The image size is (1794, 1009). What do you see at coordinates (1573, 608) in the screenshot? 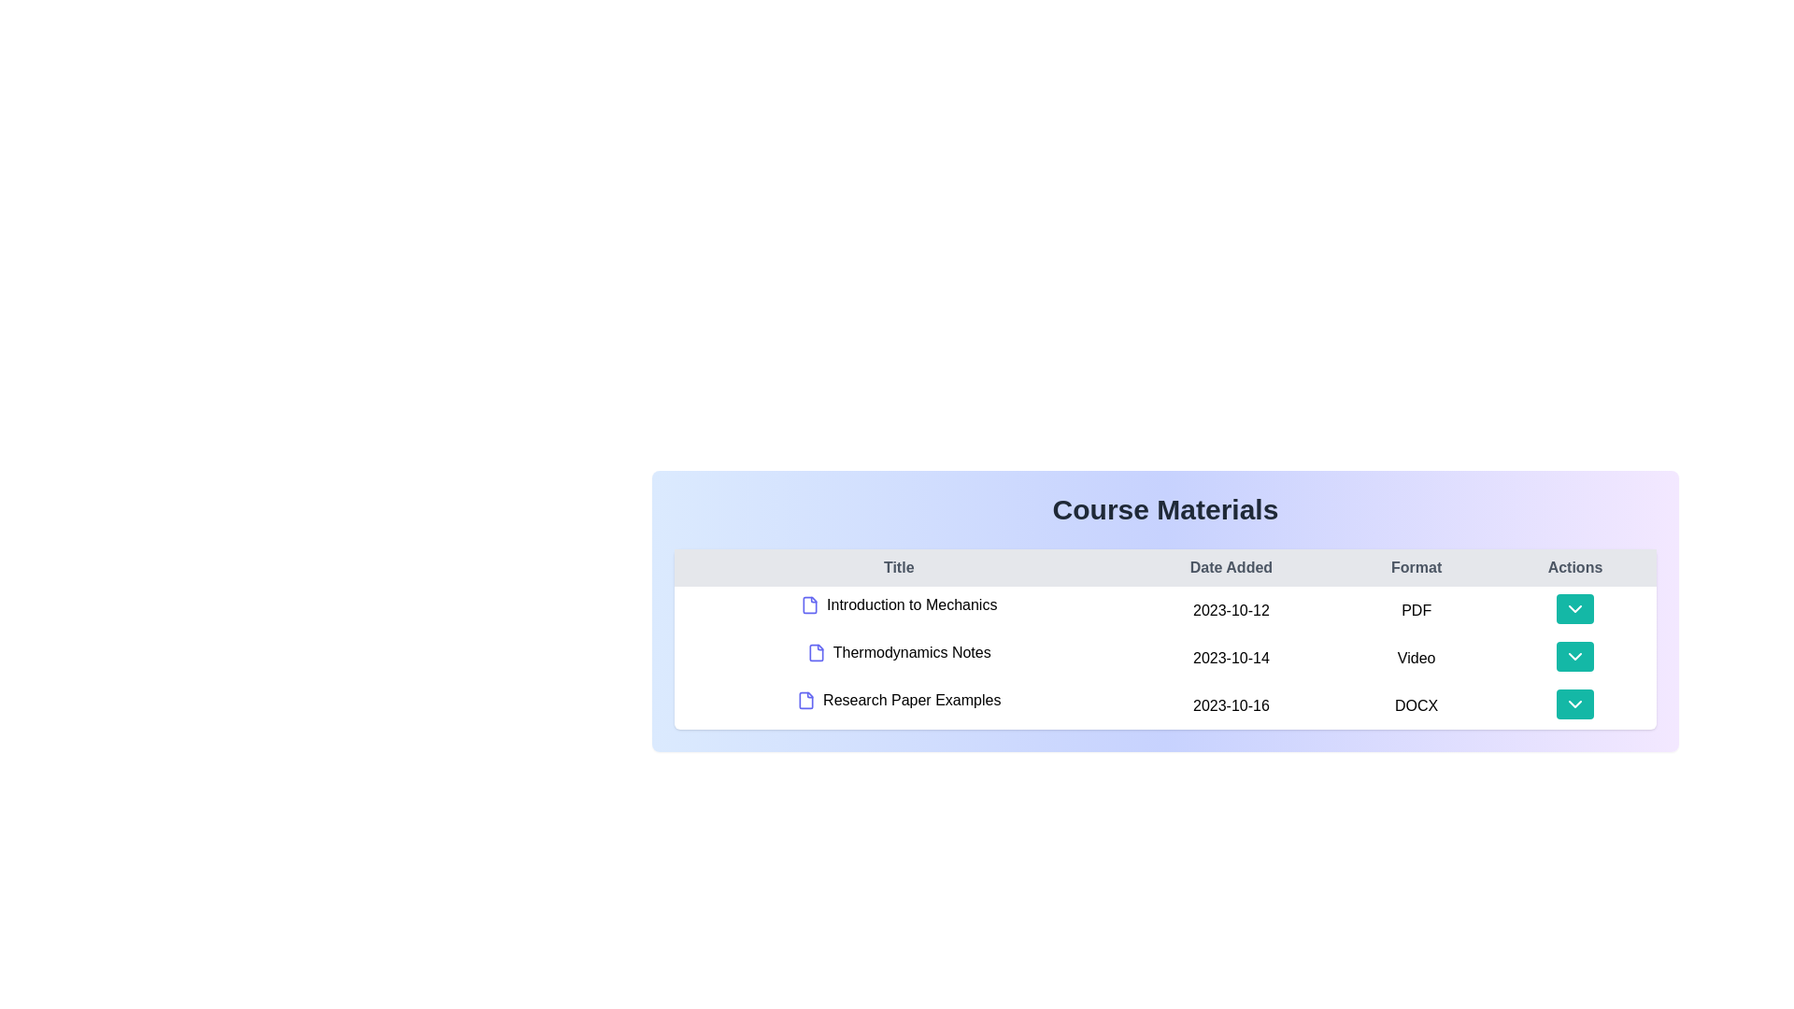
I see `the teal button with a downward-pointing chevron icon in the 'Actions' column of the table for the 'Introduction to Mechanics' item` at bounding box center [1573, 608].